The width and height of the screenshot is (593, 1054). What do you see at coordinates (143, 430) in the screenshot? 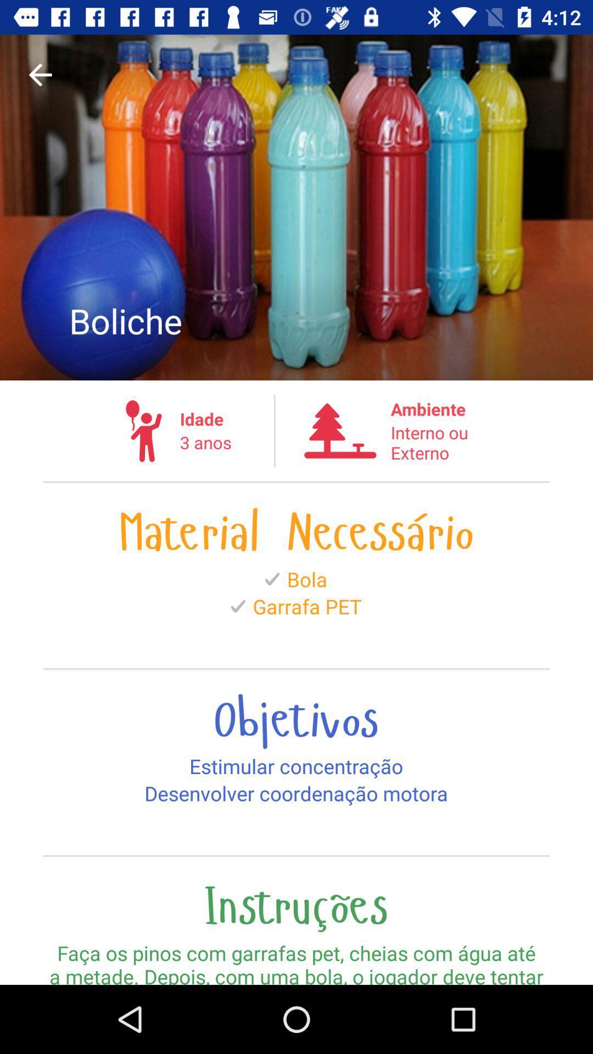
I see `the icon on left to the text idade on the web page` at bounding box center [143, 430].